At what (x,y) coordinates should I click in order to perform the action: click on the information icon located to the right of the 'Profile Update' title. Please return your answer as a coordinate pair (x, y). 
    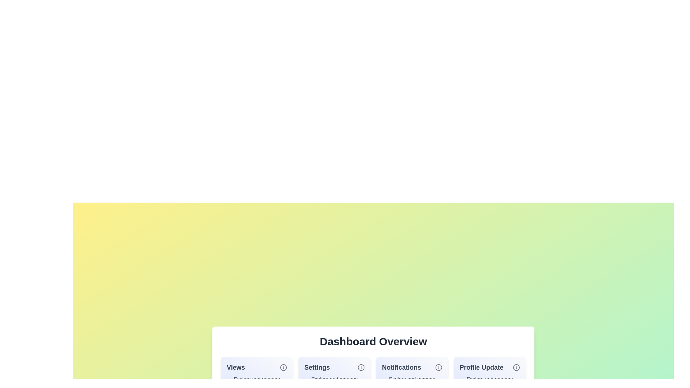
    Looking at the image, I should click on (516, 367).